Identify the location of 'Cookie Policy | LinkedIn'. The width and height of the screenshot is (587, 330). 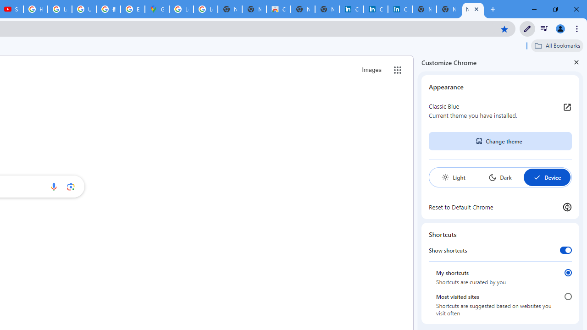
(376, 9).